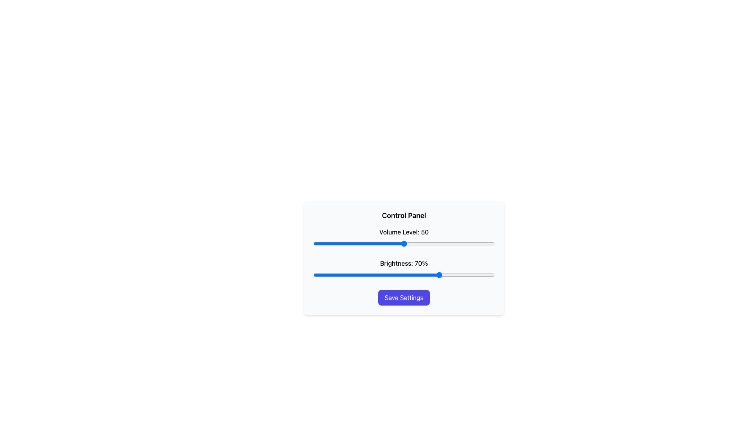 The image size is (751, 422). Describe the element at coordinates (406, 275) in the screenshot. I see `brightness` at that location.